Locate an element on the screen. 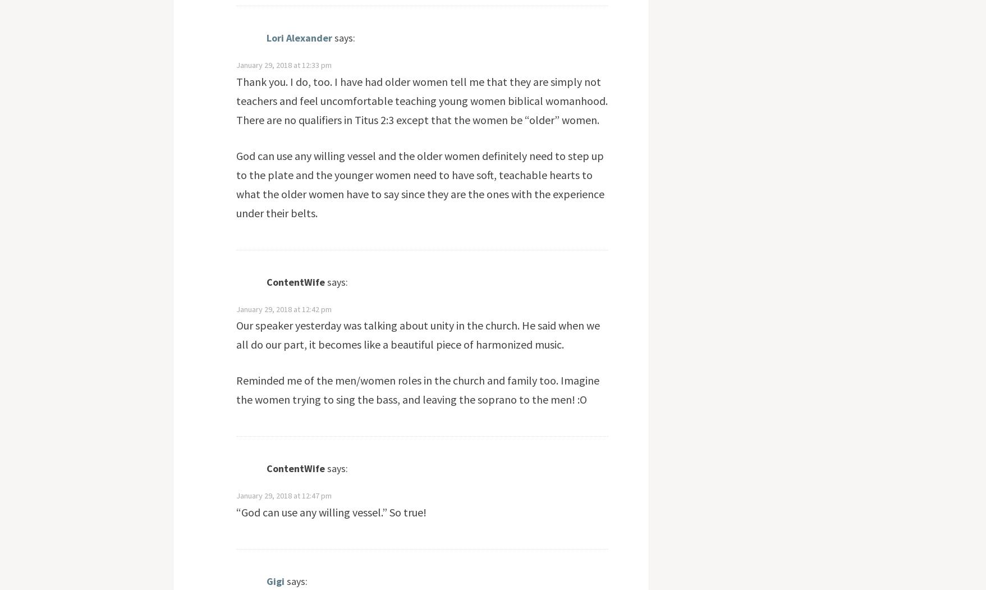 This screenshot has height=590, width=986. 'Our speaker yesterday was talking about unity in the church. He said when we all do our part, it becomes like a beautiful piece of harmonized music.' is located at coordinates (416, 335).